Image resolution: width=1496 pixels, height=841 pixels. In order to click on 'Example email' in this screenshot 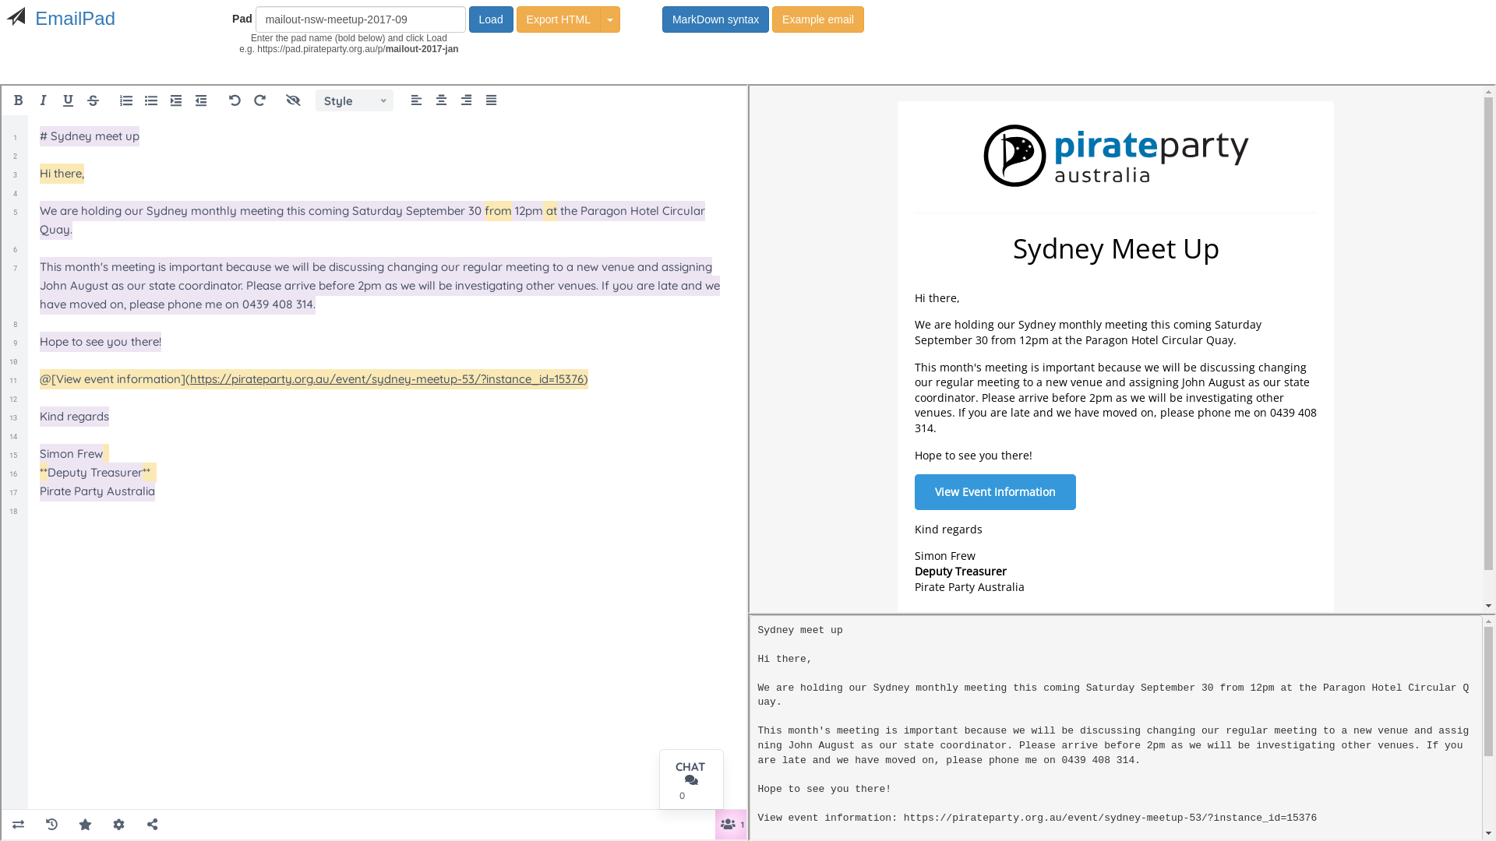, I will do `click(817, 19)`.